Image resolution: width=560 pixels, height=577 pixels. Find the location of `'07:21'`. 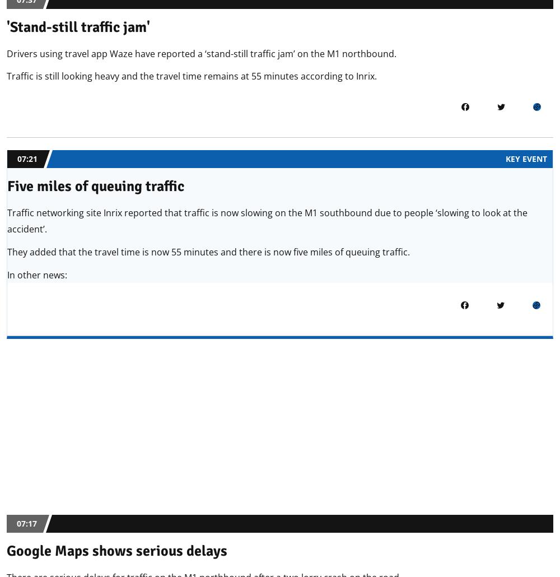

'07:21' is located at coordinates (27, 158).